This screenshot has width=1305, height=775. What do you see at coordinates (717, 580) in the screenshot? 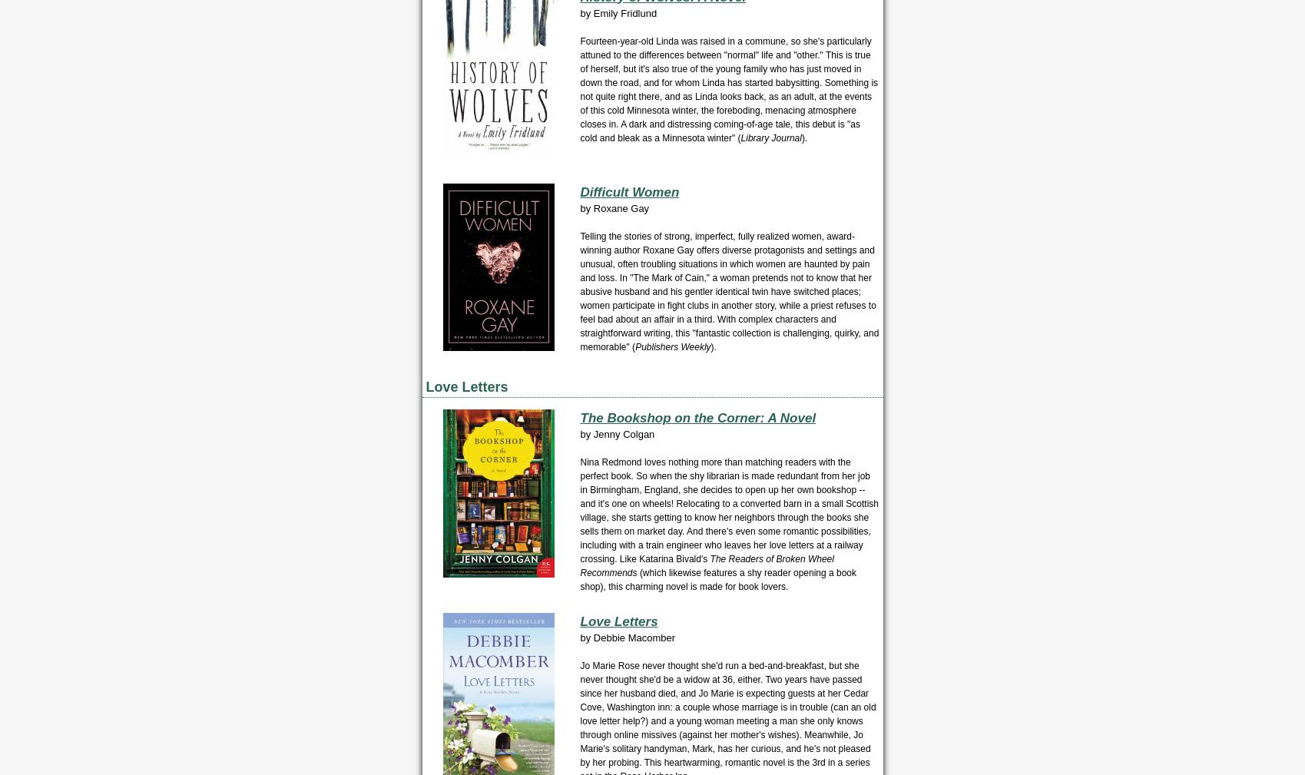
I see `'(which likewise features a shy reader opening a book shop)'` at bounding box center [717, 580].